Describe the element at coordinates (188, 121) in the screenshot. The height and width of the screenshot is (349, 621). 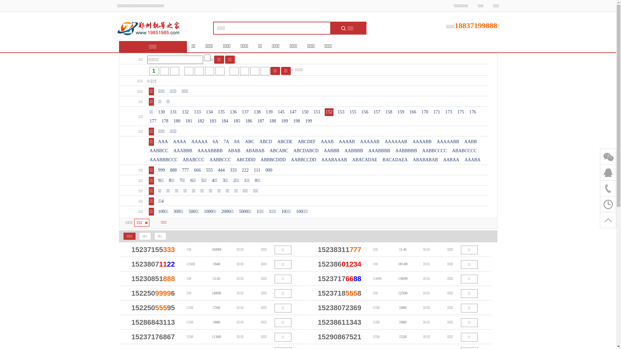
I see `'181'` at that location.